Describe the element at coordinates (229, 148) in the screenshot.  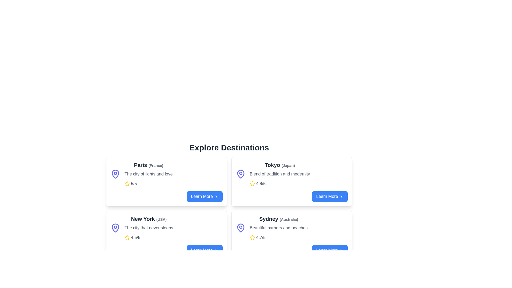
I see `the header text that indicates the content's purpose for exploring destinations, which is prominently displayed at the top-center of the grid layout` at that location.